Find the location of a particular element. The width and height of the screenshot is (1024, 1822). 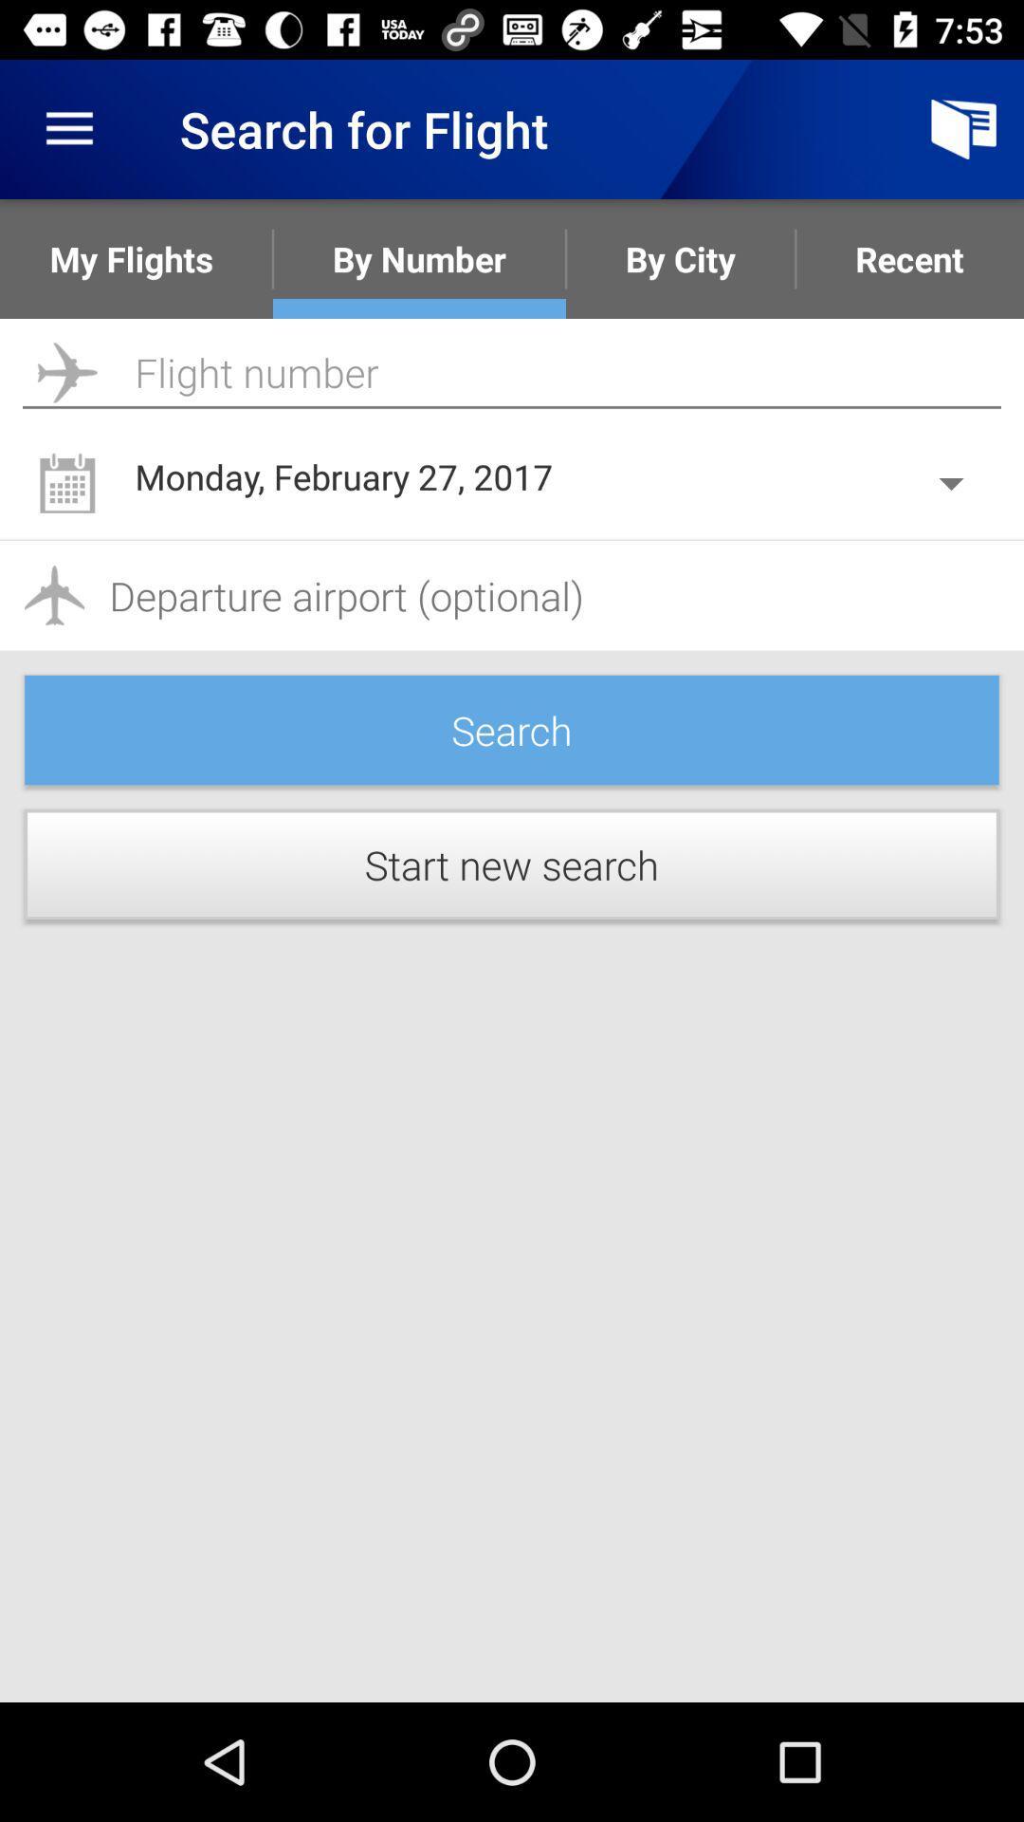

optional departure airport is located at coordinates (512, 594).